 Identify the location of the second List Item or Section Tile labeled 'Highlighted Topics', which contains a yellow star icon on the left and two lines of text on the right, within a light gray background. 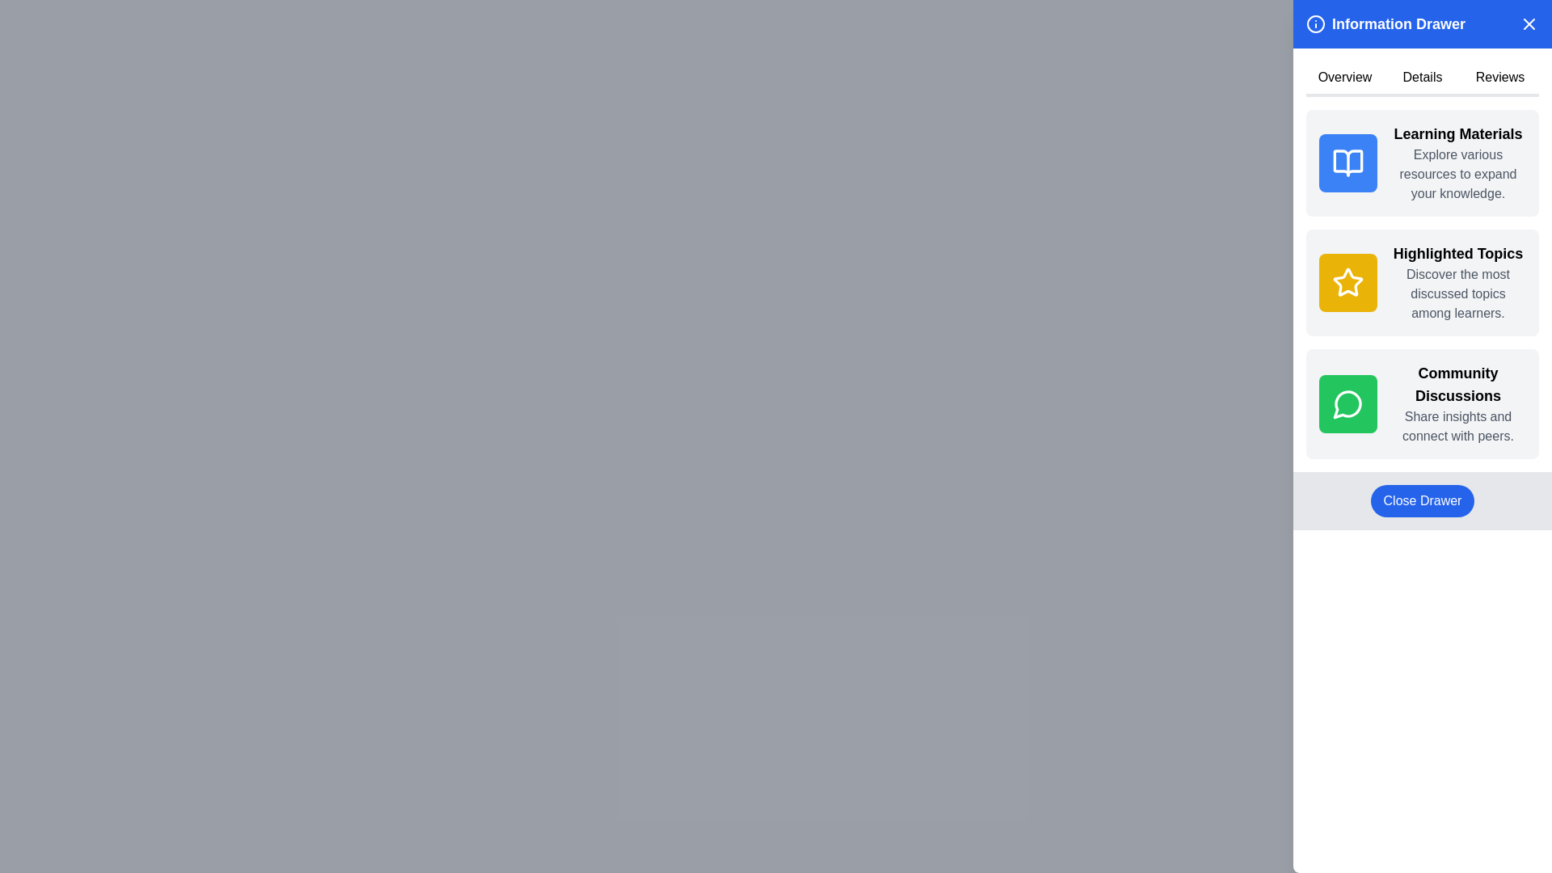
(1423, 282).